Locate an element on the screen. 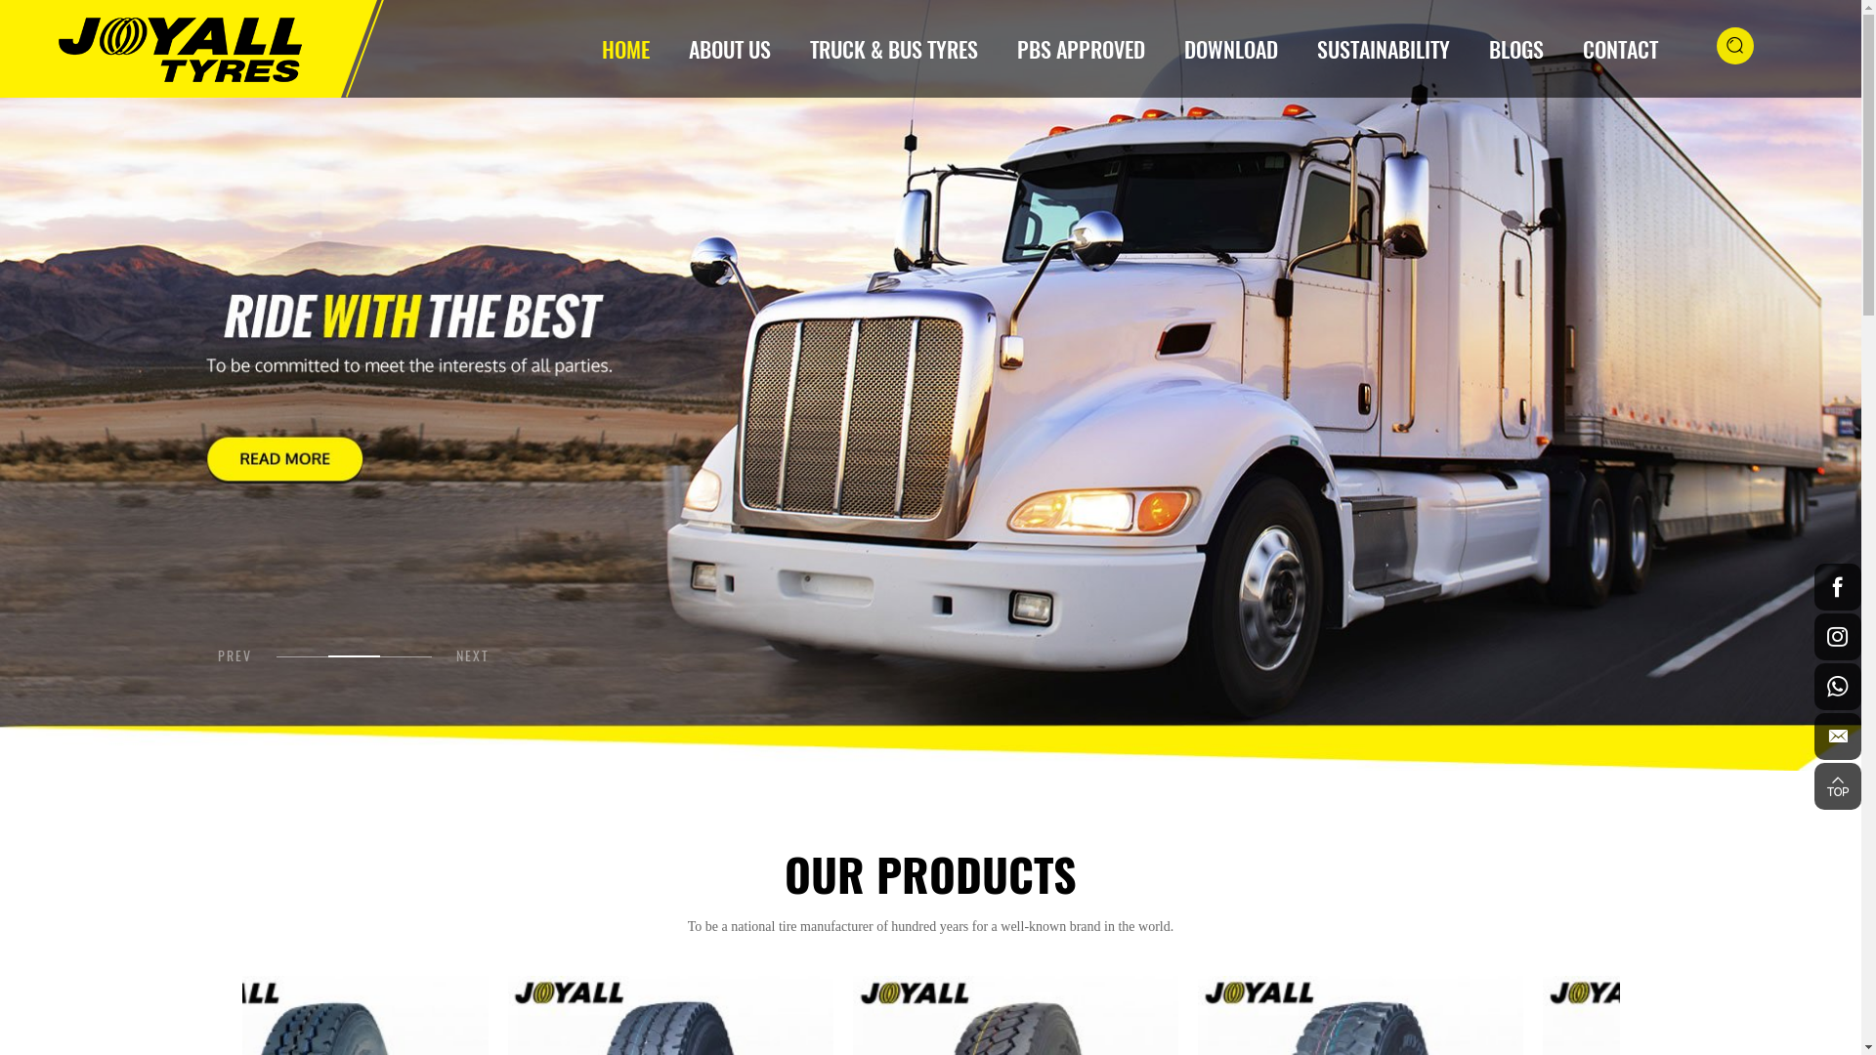  'TRUCK & BUS TYRES' is located at coordinates (893, 48).